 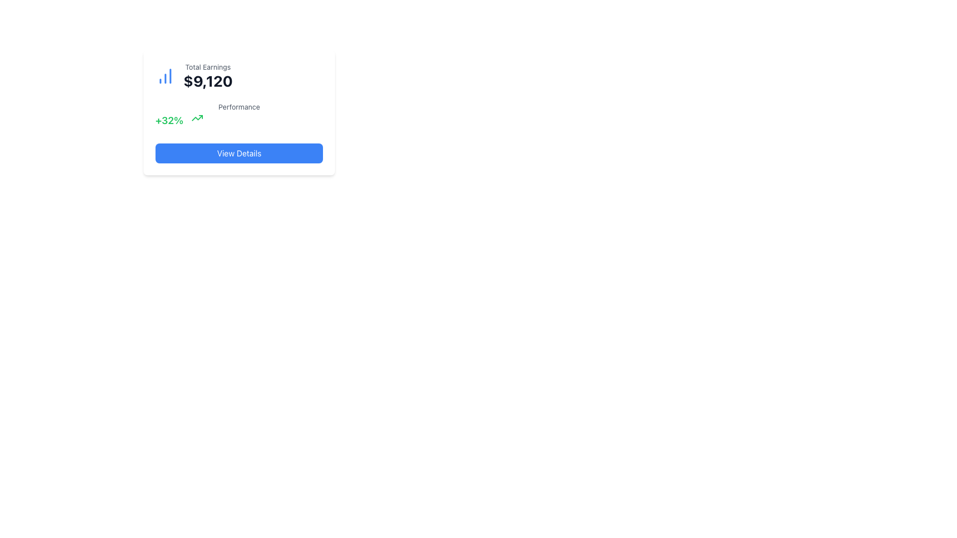 I want to click on the text display indicating the performance metric percentage increase, so click(x=169, y=120).